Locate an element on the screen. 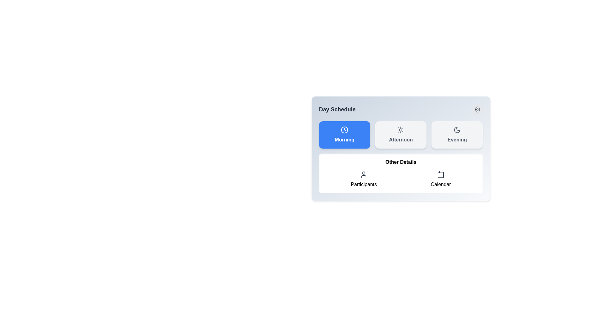 The height and width of the screenshot is (335, 596). the 'Afternoon' text label within the button-like UI component in the Day Schedule section is located at coordinates (401, 140).